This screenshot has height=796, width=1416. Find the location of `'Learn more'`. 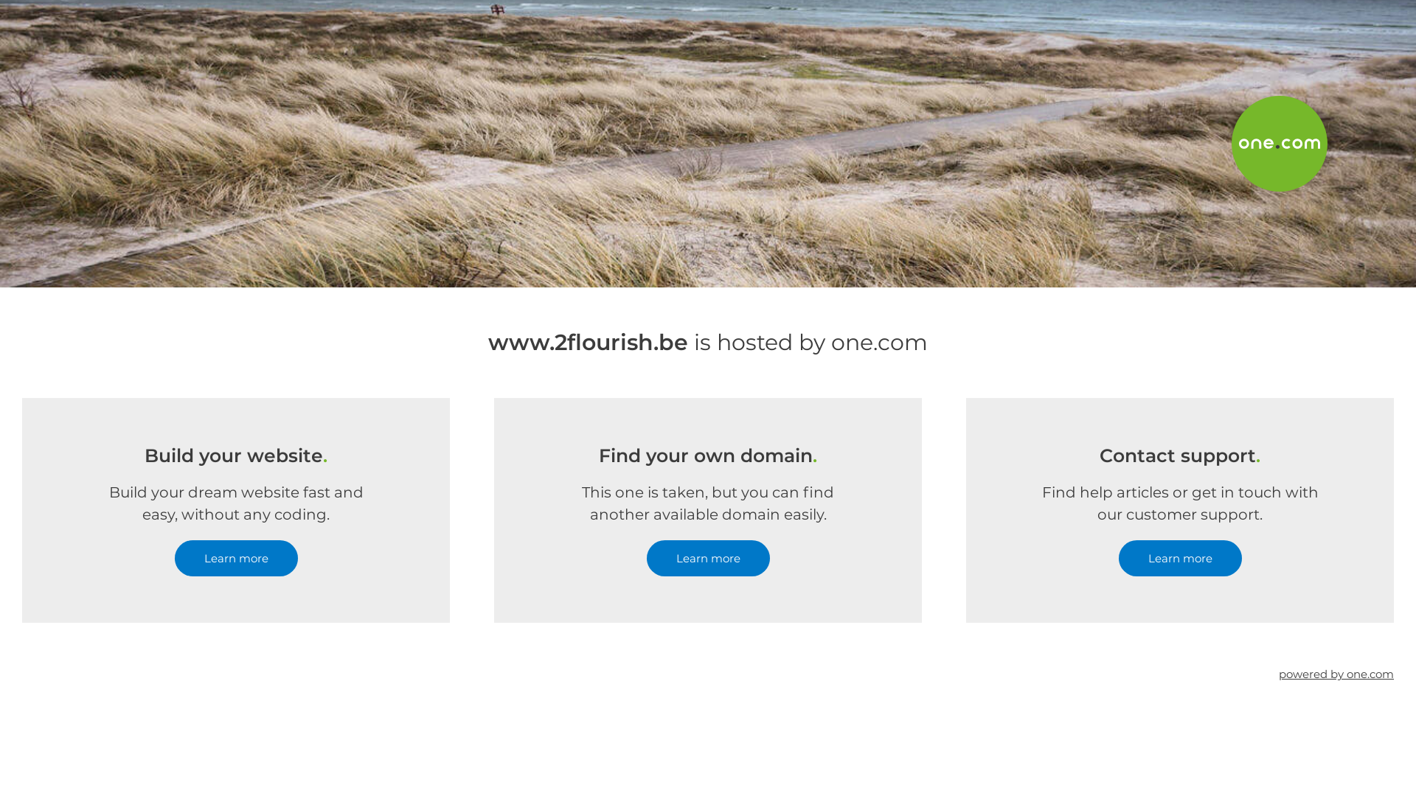

'Learn more' is located at coordinates (707, 558).